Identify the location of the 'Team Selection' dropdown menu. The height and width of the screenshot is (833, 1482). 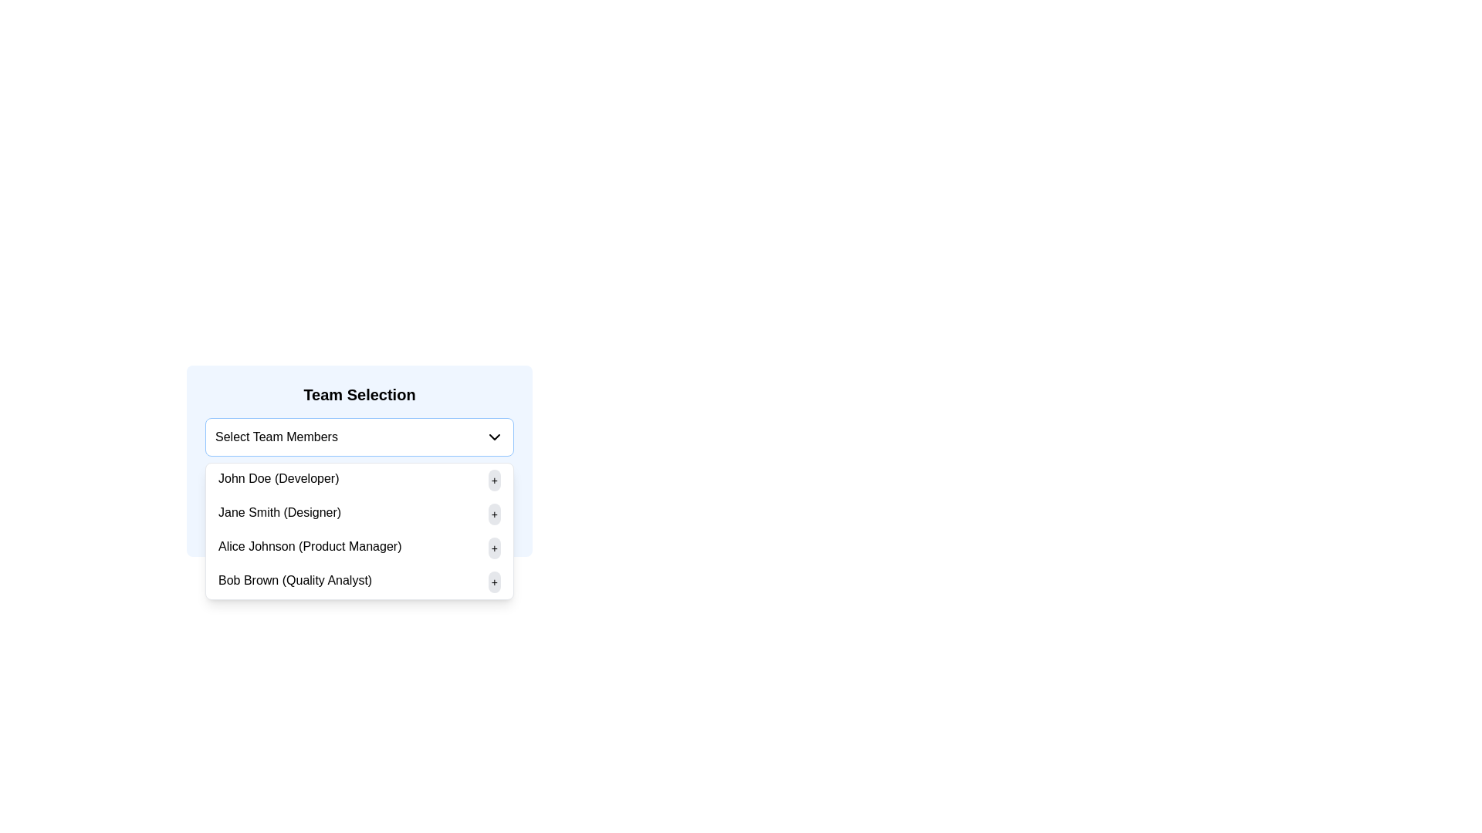
(358, 460).